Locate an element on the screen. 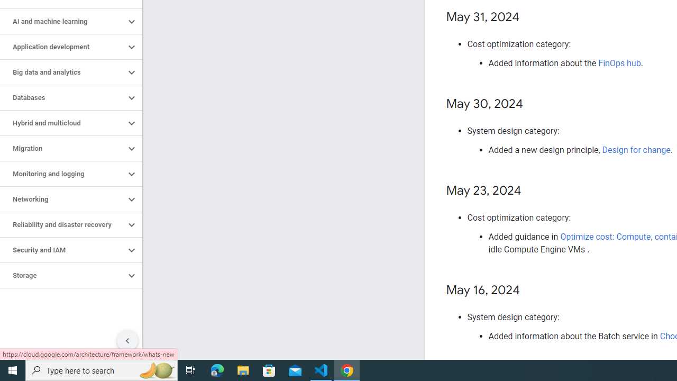 This screenshot has height=381, width=677. 'Big data and analytics' is located at coordinates (62, 72).